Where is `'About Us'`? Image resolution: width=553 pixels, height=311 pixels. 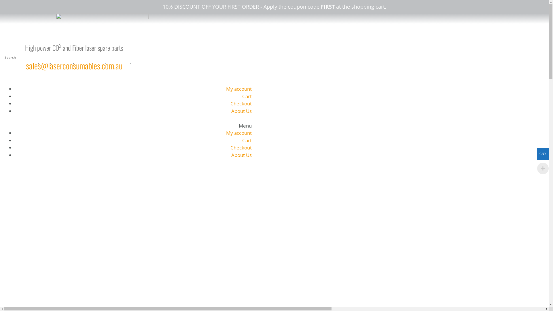
'About Us' is located at coordinates (241, 111).